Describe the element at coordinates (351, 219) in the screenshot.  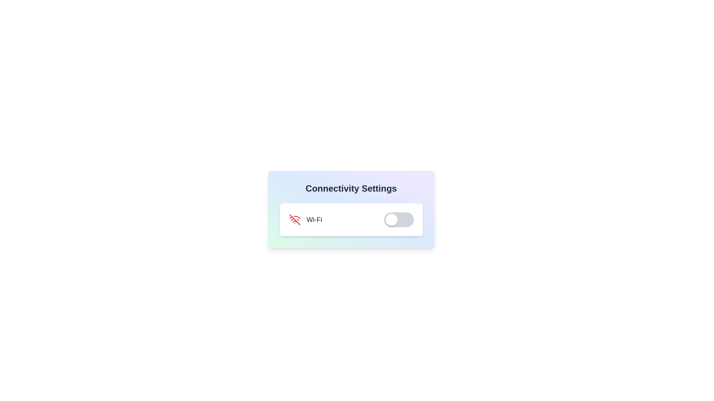
I see `the rectangular card with a white background, rounded corners, a red Wi-Fi icon with a strike-through, the text 'Wi-Fi' in medium gray font, and a toggle switch on the far right, located in the 'Connectivity Settings' section` at that location.